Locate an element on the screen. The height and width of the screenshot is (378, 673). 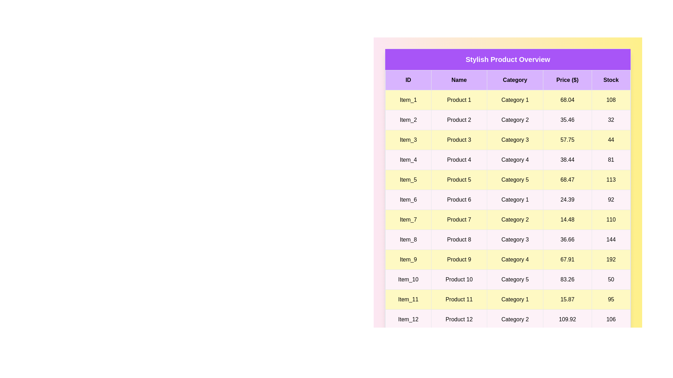
the column header ID to sort the table by that column is located at coordinates (408, 79).